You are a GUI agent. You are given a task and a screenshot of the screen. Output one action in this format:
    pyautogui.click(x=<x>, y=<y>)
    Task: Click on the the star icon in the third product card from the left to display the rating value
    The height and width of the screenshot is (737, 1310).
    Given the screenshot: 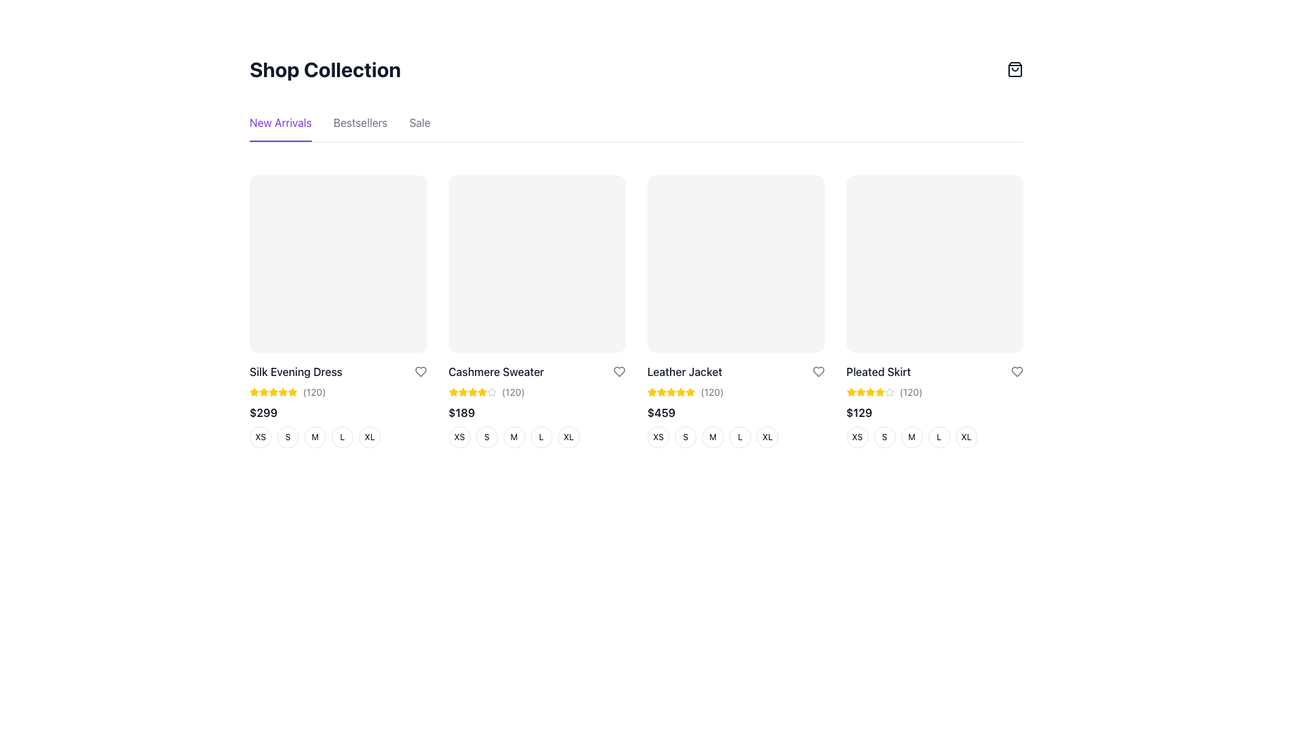 What is the action you would take?
    pyautogui.click(x=681, y=392)
    